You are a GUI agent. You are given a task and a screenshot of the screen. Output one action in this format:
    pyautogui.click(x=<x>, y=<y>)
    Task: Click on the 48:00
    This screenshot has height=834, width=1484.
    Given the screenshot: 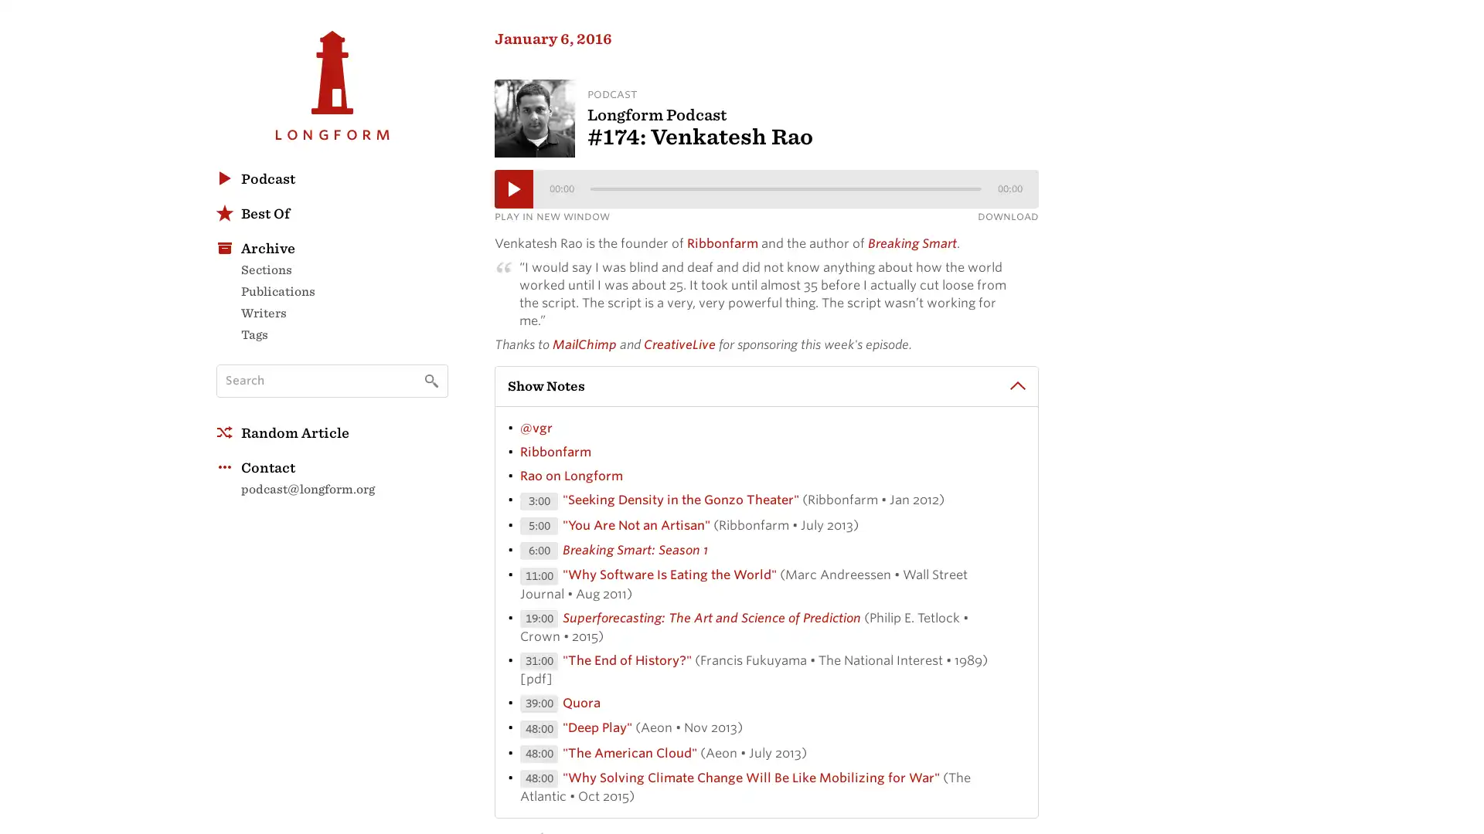 What is the action you would take?
    pyautogui.click(x=539, y=781)
    